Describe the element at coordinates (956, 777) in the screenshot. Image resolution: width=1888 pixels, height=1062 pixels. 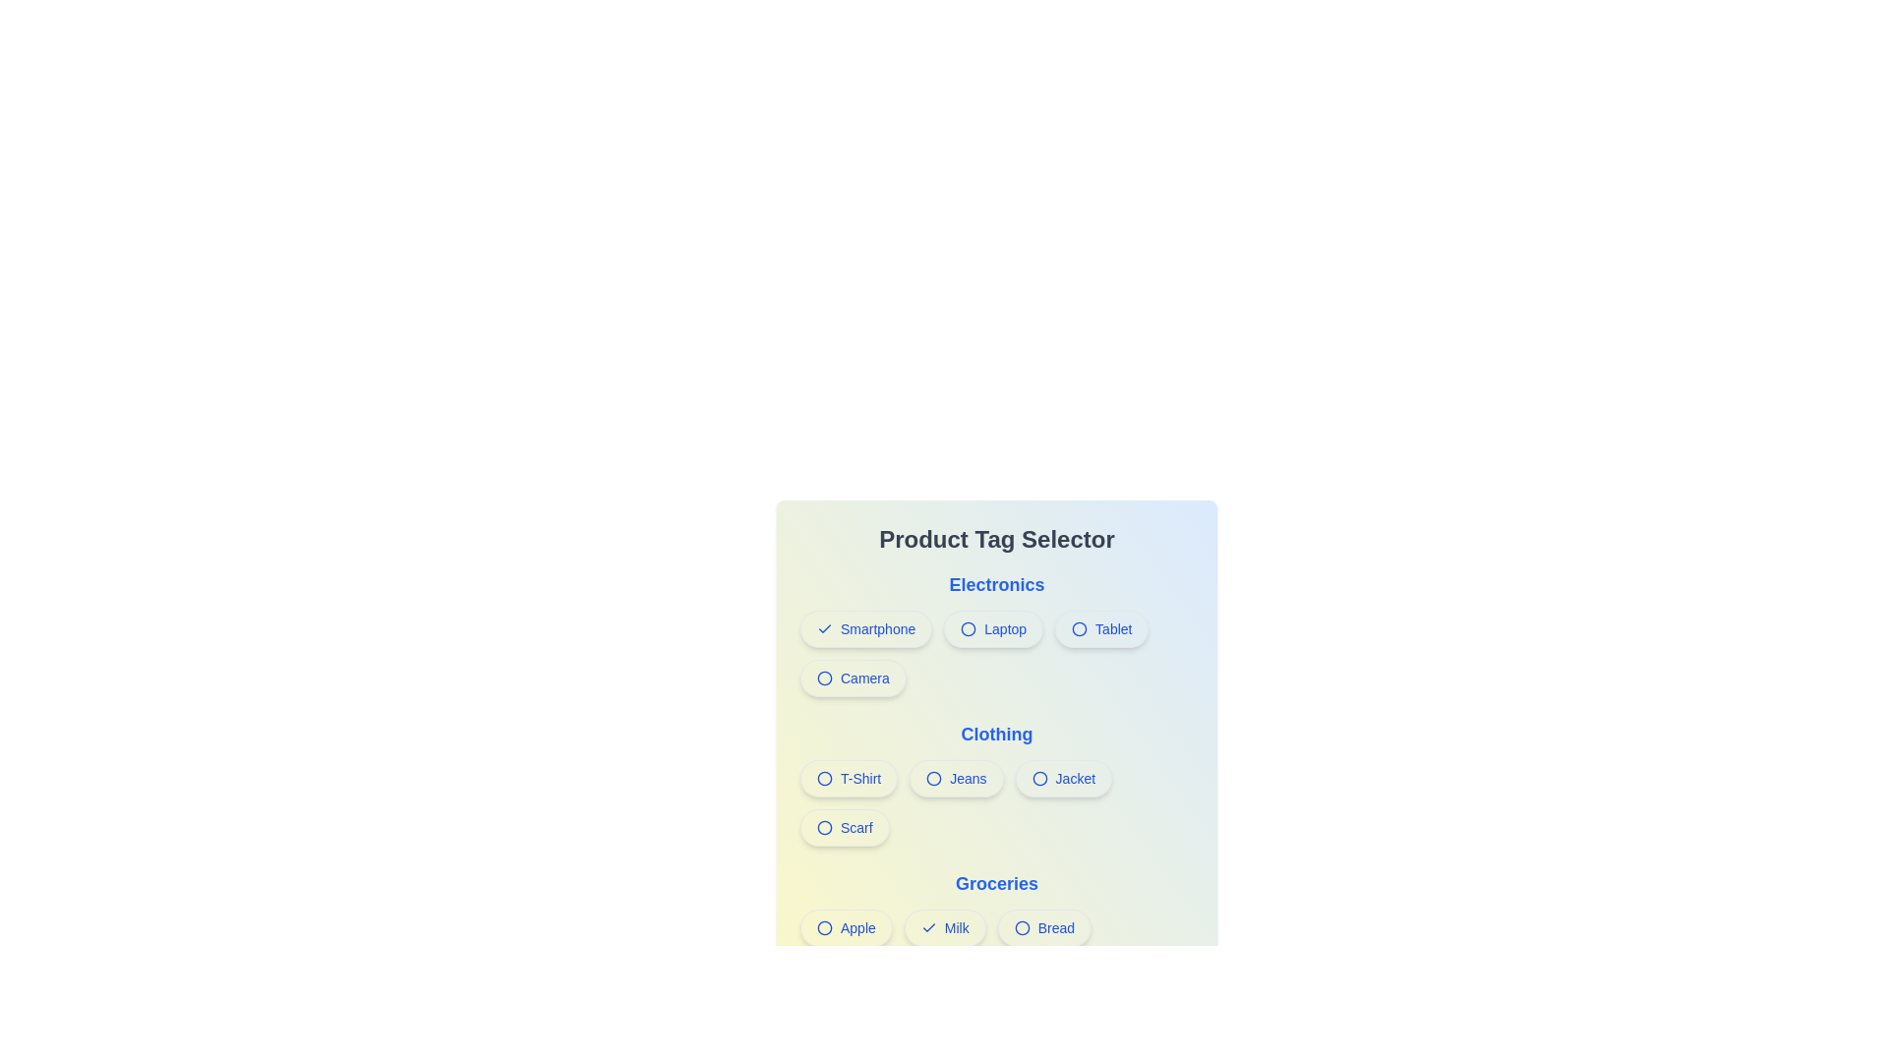
I see `the 'Jeans' button, which has a white background, gray border, blue text, and a circular radio button icon to its left, located in the second row of the 'Clothing' section` at that location.